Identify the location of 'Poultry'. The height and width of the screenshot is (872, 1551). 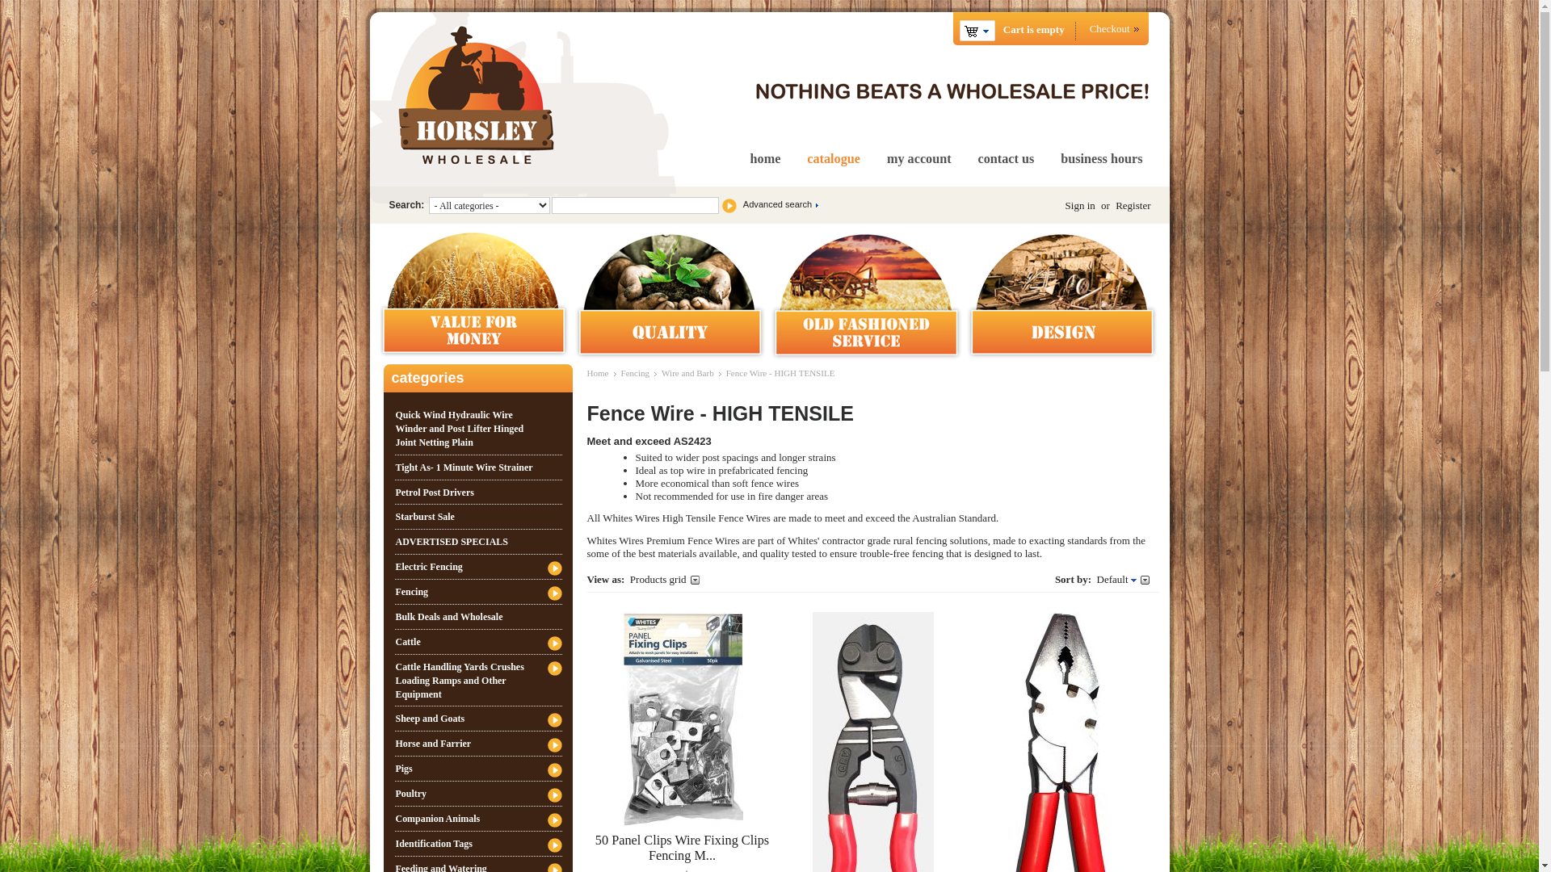
(394, 793).